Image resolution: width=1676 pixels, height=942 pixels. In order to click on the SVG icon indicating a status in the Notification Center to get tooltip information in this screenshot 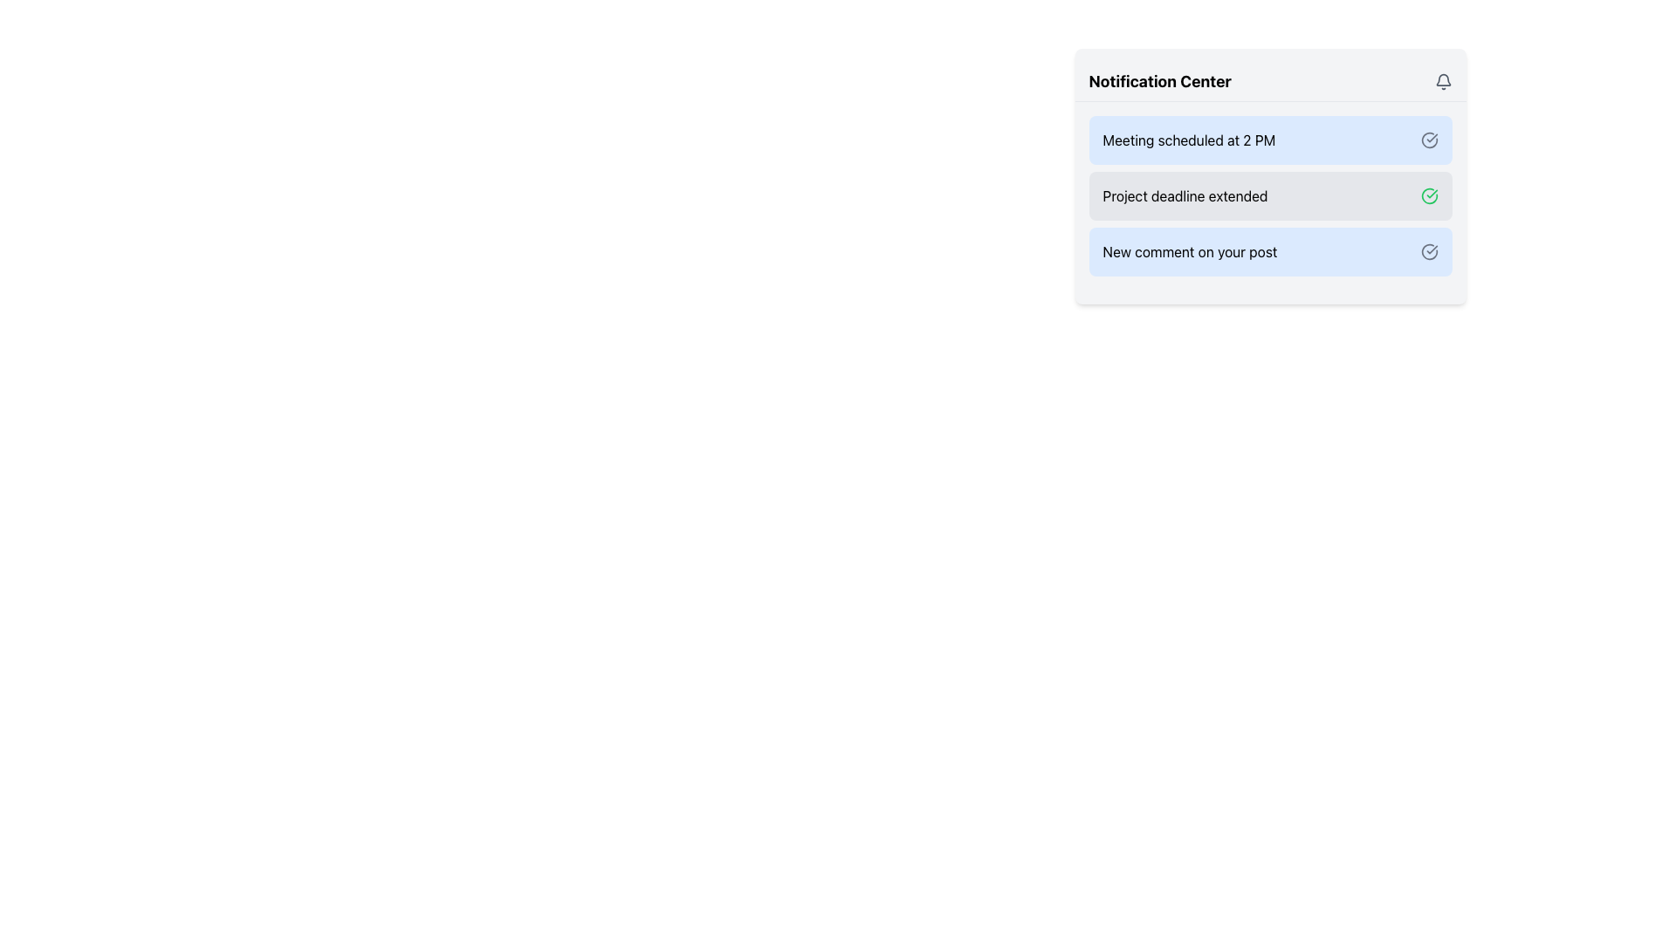, I will do `click(1429, 140)`.